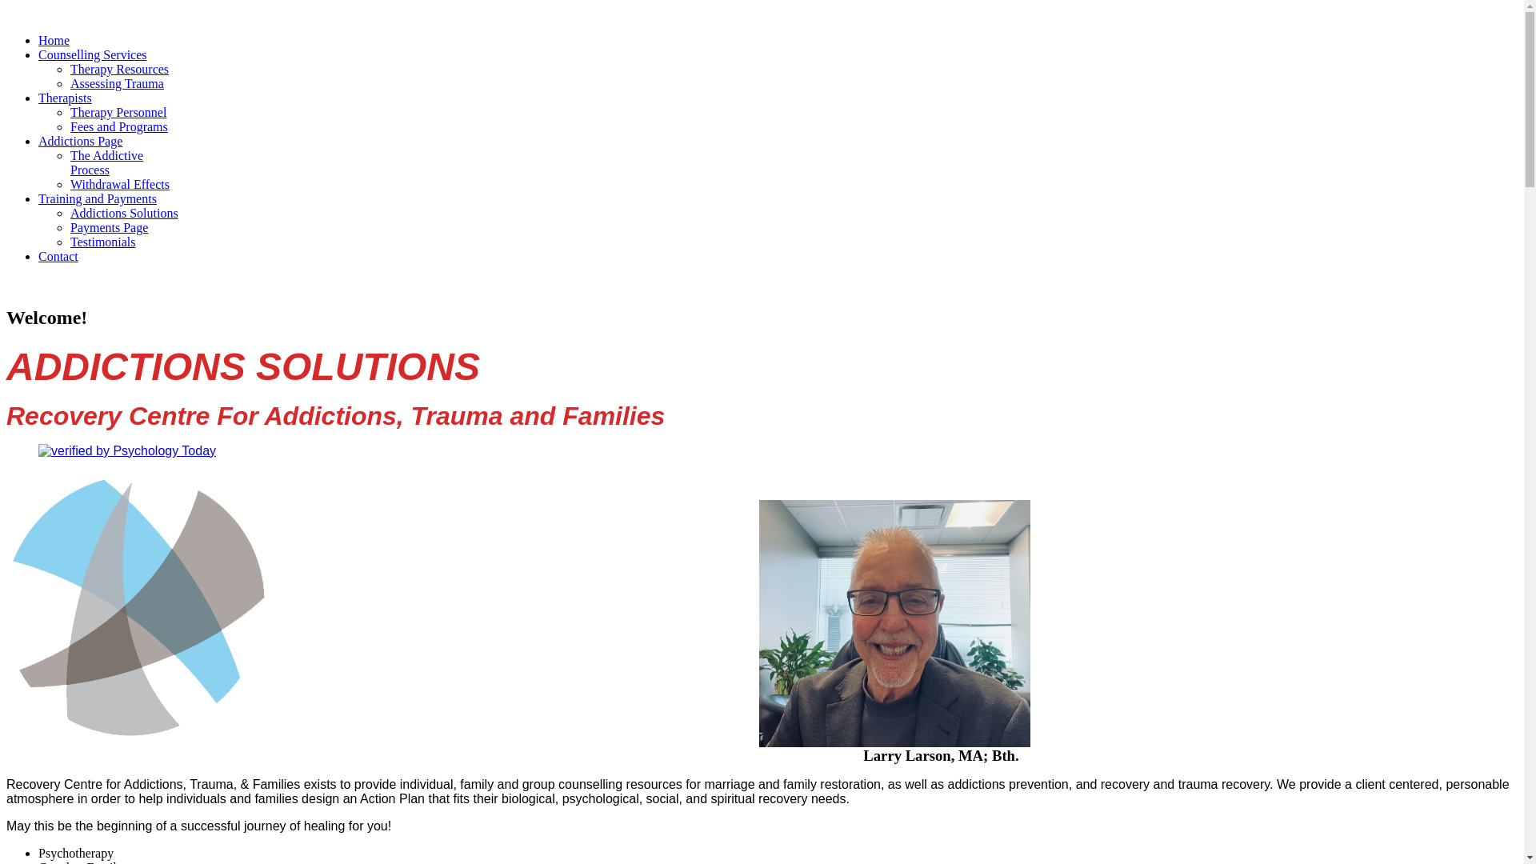 This screenshot has width=1536, height=864. I want to click on 'Therapy Personnel', so click(69, 111).